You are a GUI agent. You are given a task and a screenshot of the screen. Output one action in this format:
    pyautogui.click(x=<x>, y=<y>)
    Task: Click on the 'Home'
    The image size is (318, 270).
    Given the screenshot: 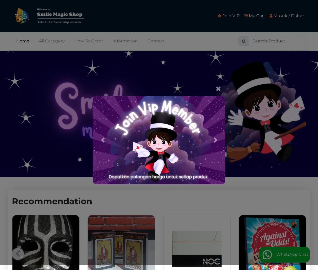 What is the action you would take?
    pyautogui.click(x=16, y=40)
    